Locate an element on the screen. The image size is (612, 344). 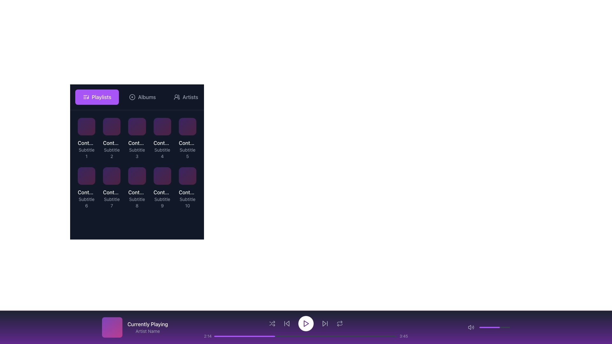
descriptive text label located in the fifth card of the grid, positioned below the title 'Content Title 5' is located at coordinates (187, 153).